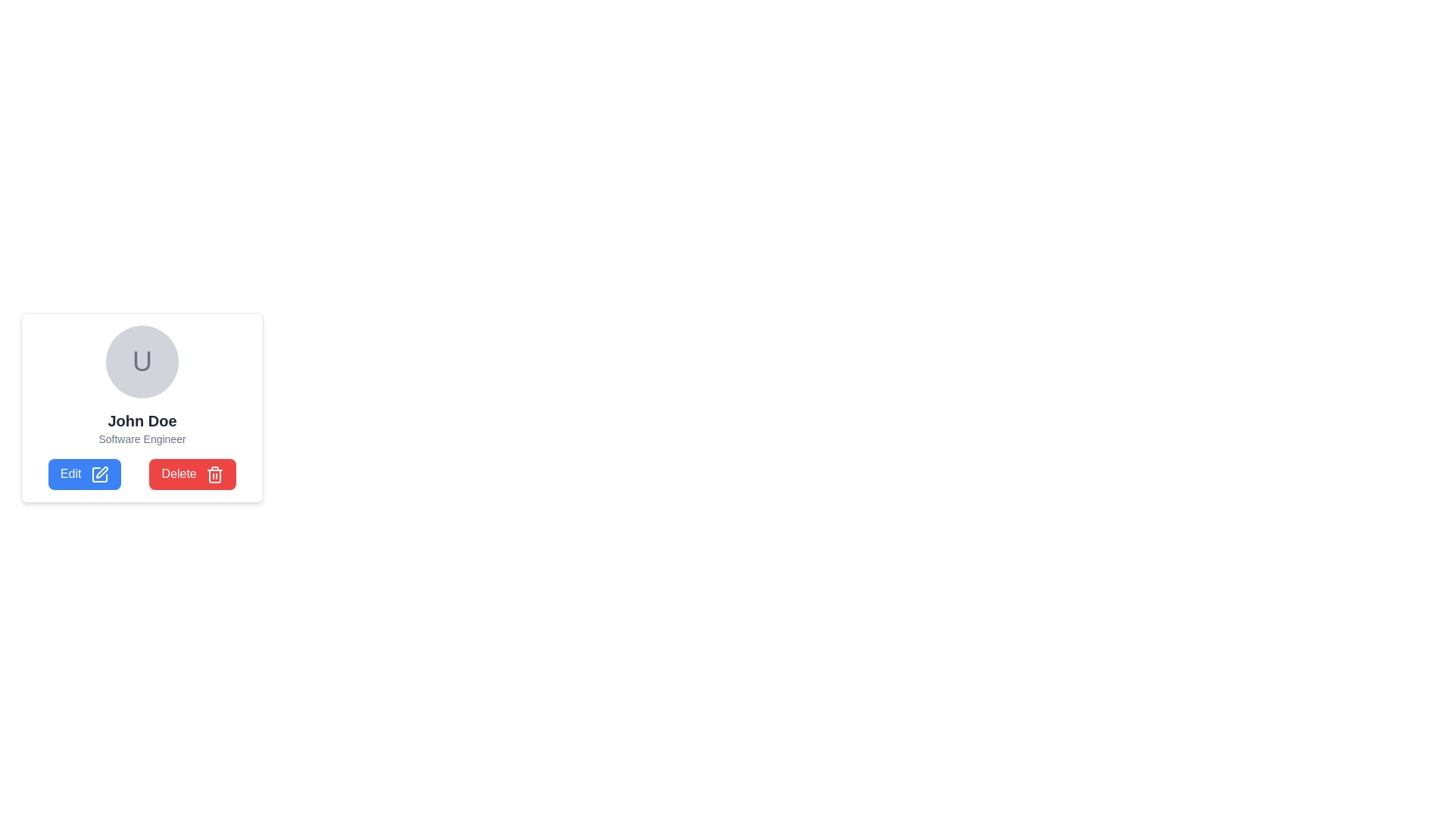  I want to click on text label displaying 'John Doe', which is positioned prominently below a circular avatar and above the text 'Software Engineer', so click(142, 420).